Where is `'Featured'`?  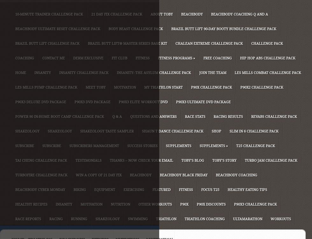 'Featured' is located at coordinates (161, 190).